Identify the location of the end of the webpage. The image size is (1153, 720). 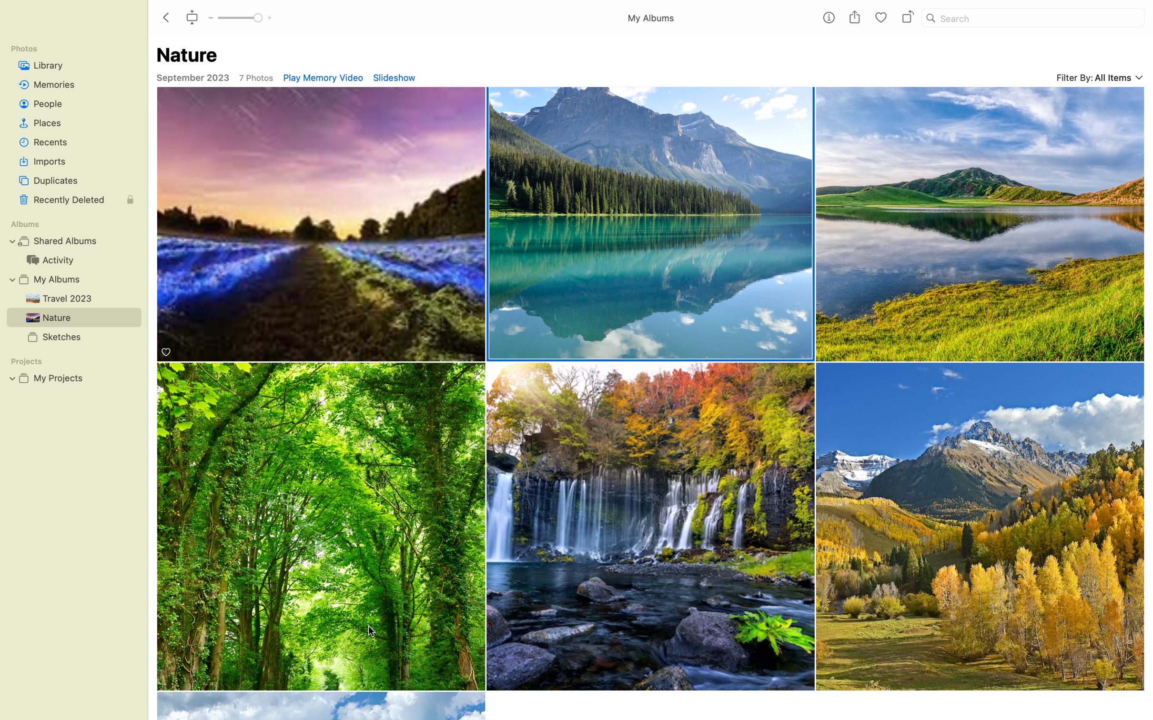
(2189547, 848160).